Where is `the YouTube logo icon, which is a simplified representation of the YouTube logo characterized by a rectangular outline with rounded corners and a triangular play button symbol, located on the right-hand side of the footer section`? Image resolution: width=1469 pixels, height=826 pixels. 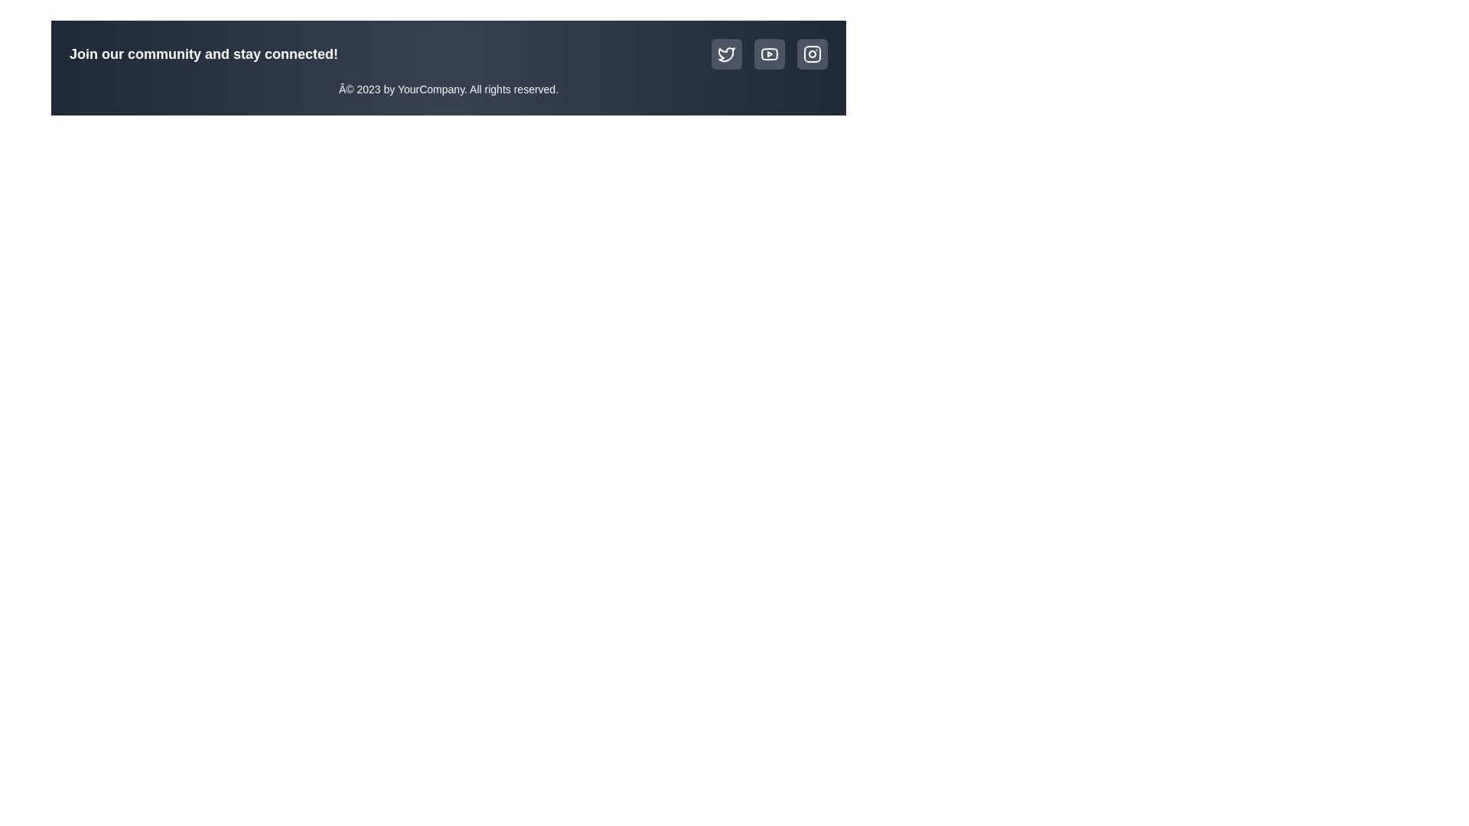
the YouTube logo icon, which is a simplified representation of the YouTube logo characterized by a rectangular outline with rounded corners and a triangular play button symbol, located on the right-hand side of the footer section is located at coordinates (770, 53).